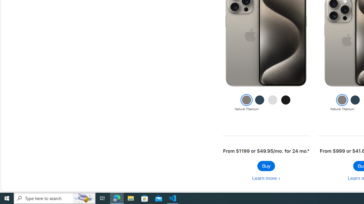 This screenshot has height=204, width=364. What do you see at coordinates (272, 103) in the screenshot?
I see `'White Titanium'` at bounding box center [272, 103].